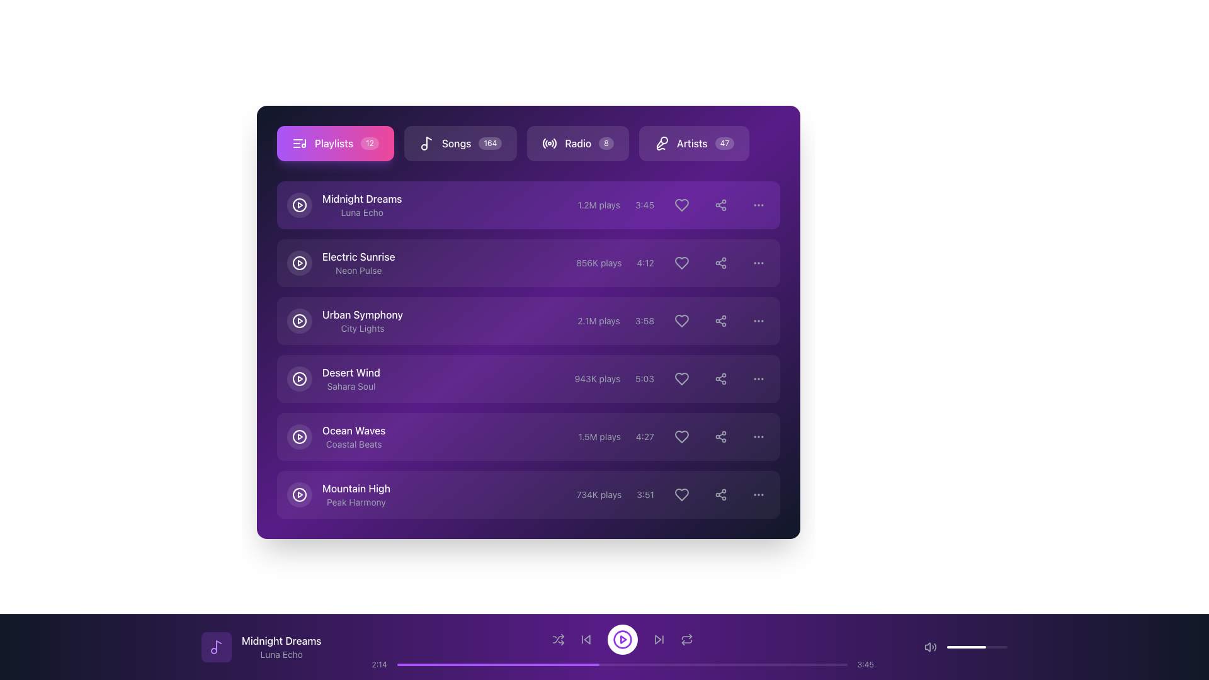 The width and height of the screenshot is (1209, 680). What do you see at coordinates (681, 436) in the screenshot?
I see `the heart icon button for the song 'Ocean Waves' by 'Coastal Beats'` at bounding box center [681, 436].